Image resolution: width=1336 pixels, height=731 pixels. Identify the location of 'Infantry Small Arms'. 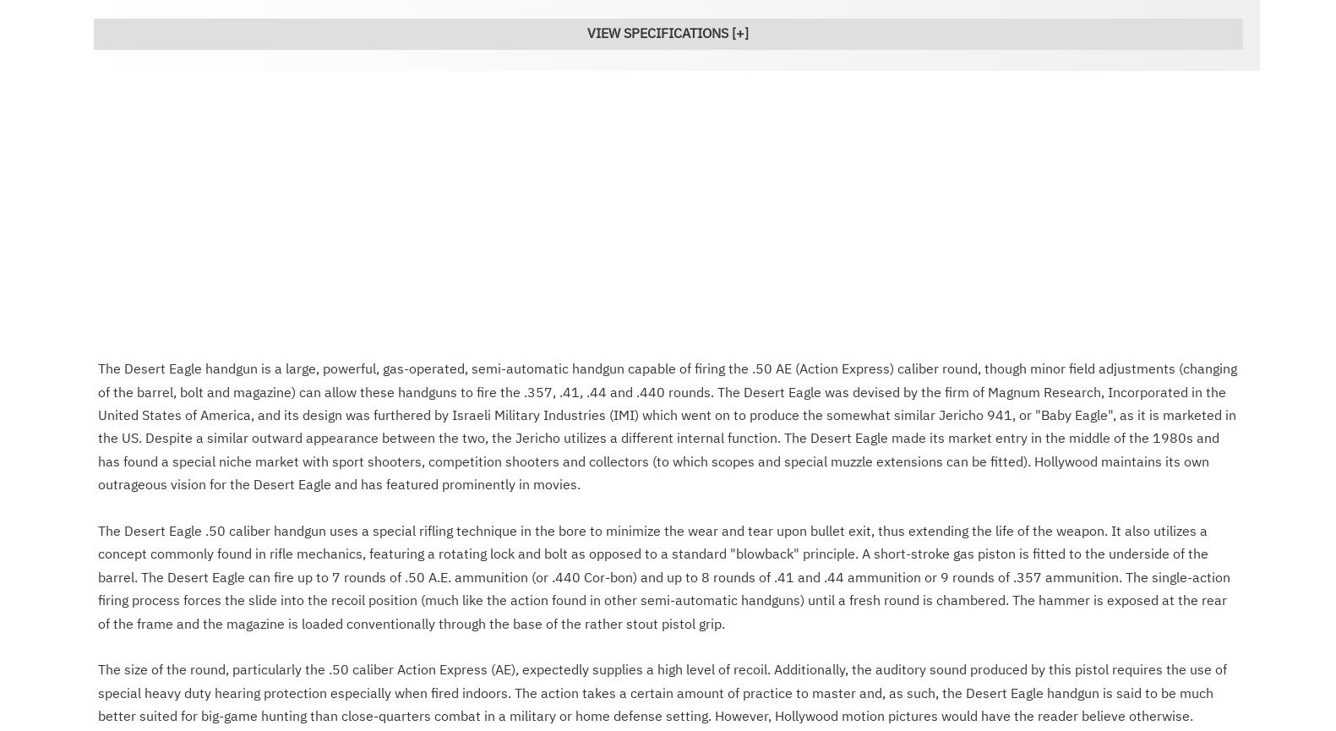
(166, 243).